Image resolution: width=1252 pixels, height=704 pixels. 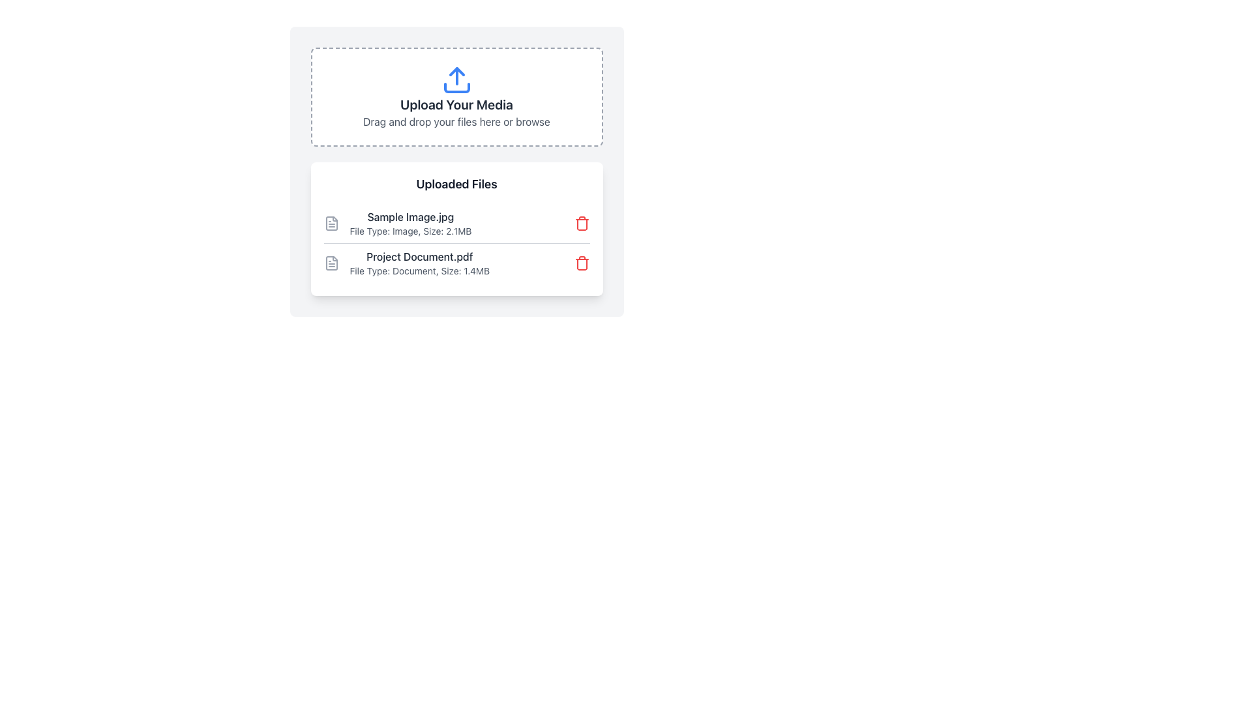 What do you see at coordinates (396, 223) in the screenshot?
I see `the list item labeled 'Sample Image.jpg'` at bounding box center [396, 223].